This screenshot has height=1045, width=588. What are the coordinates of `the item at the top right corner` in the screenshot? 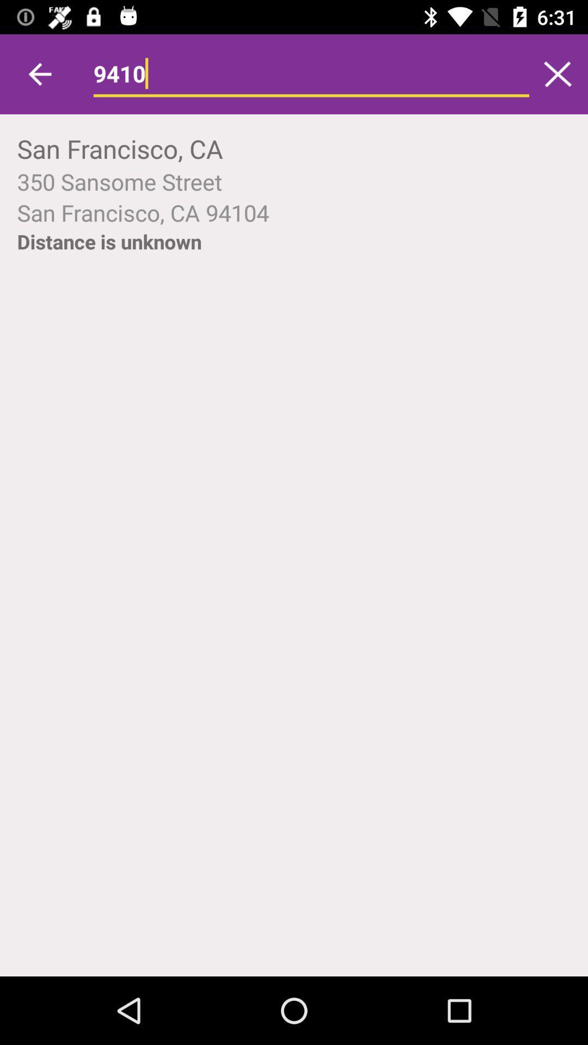 It's located at (558, 73).